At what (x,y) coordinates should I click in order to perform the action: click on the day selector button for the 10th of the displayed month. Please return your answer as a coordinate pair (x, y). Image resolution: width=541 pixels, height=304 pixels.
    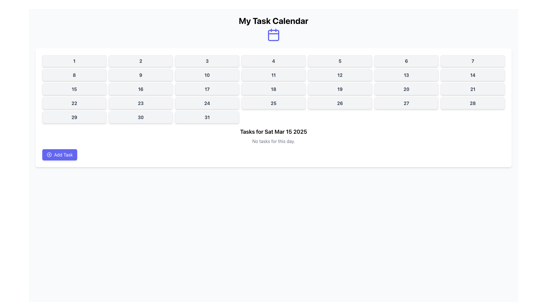
    Looking at the image, I should click on (207, 75).